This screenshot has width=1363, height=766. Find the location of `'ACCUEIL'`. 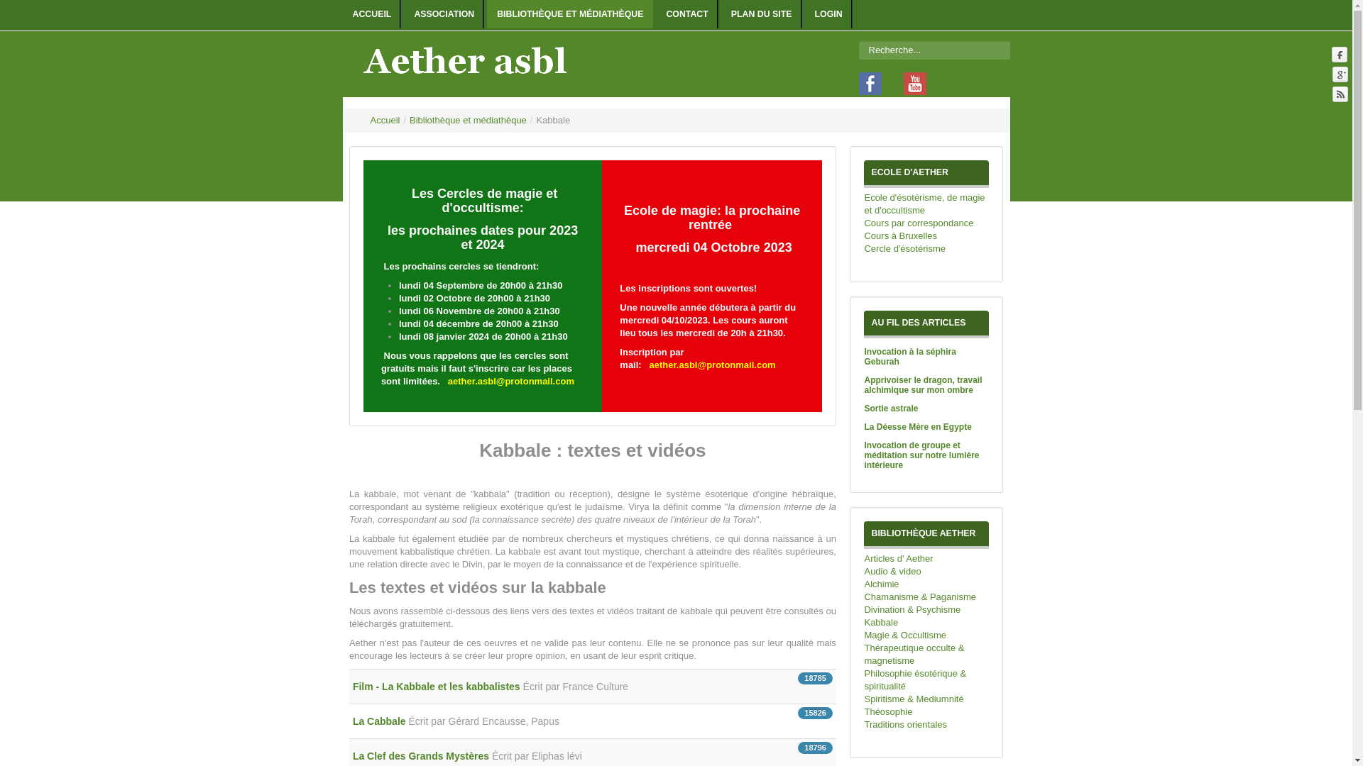

'ACCUEIL' is located at coordinates (371, 13).